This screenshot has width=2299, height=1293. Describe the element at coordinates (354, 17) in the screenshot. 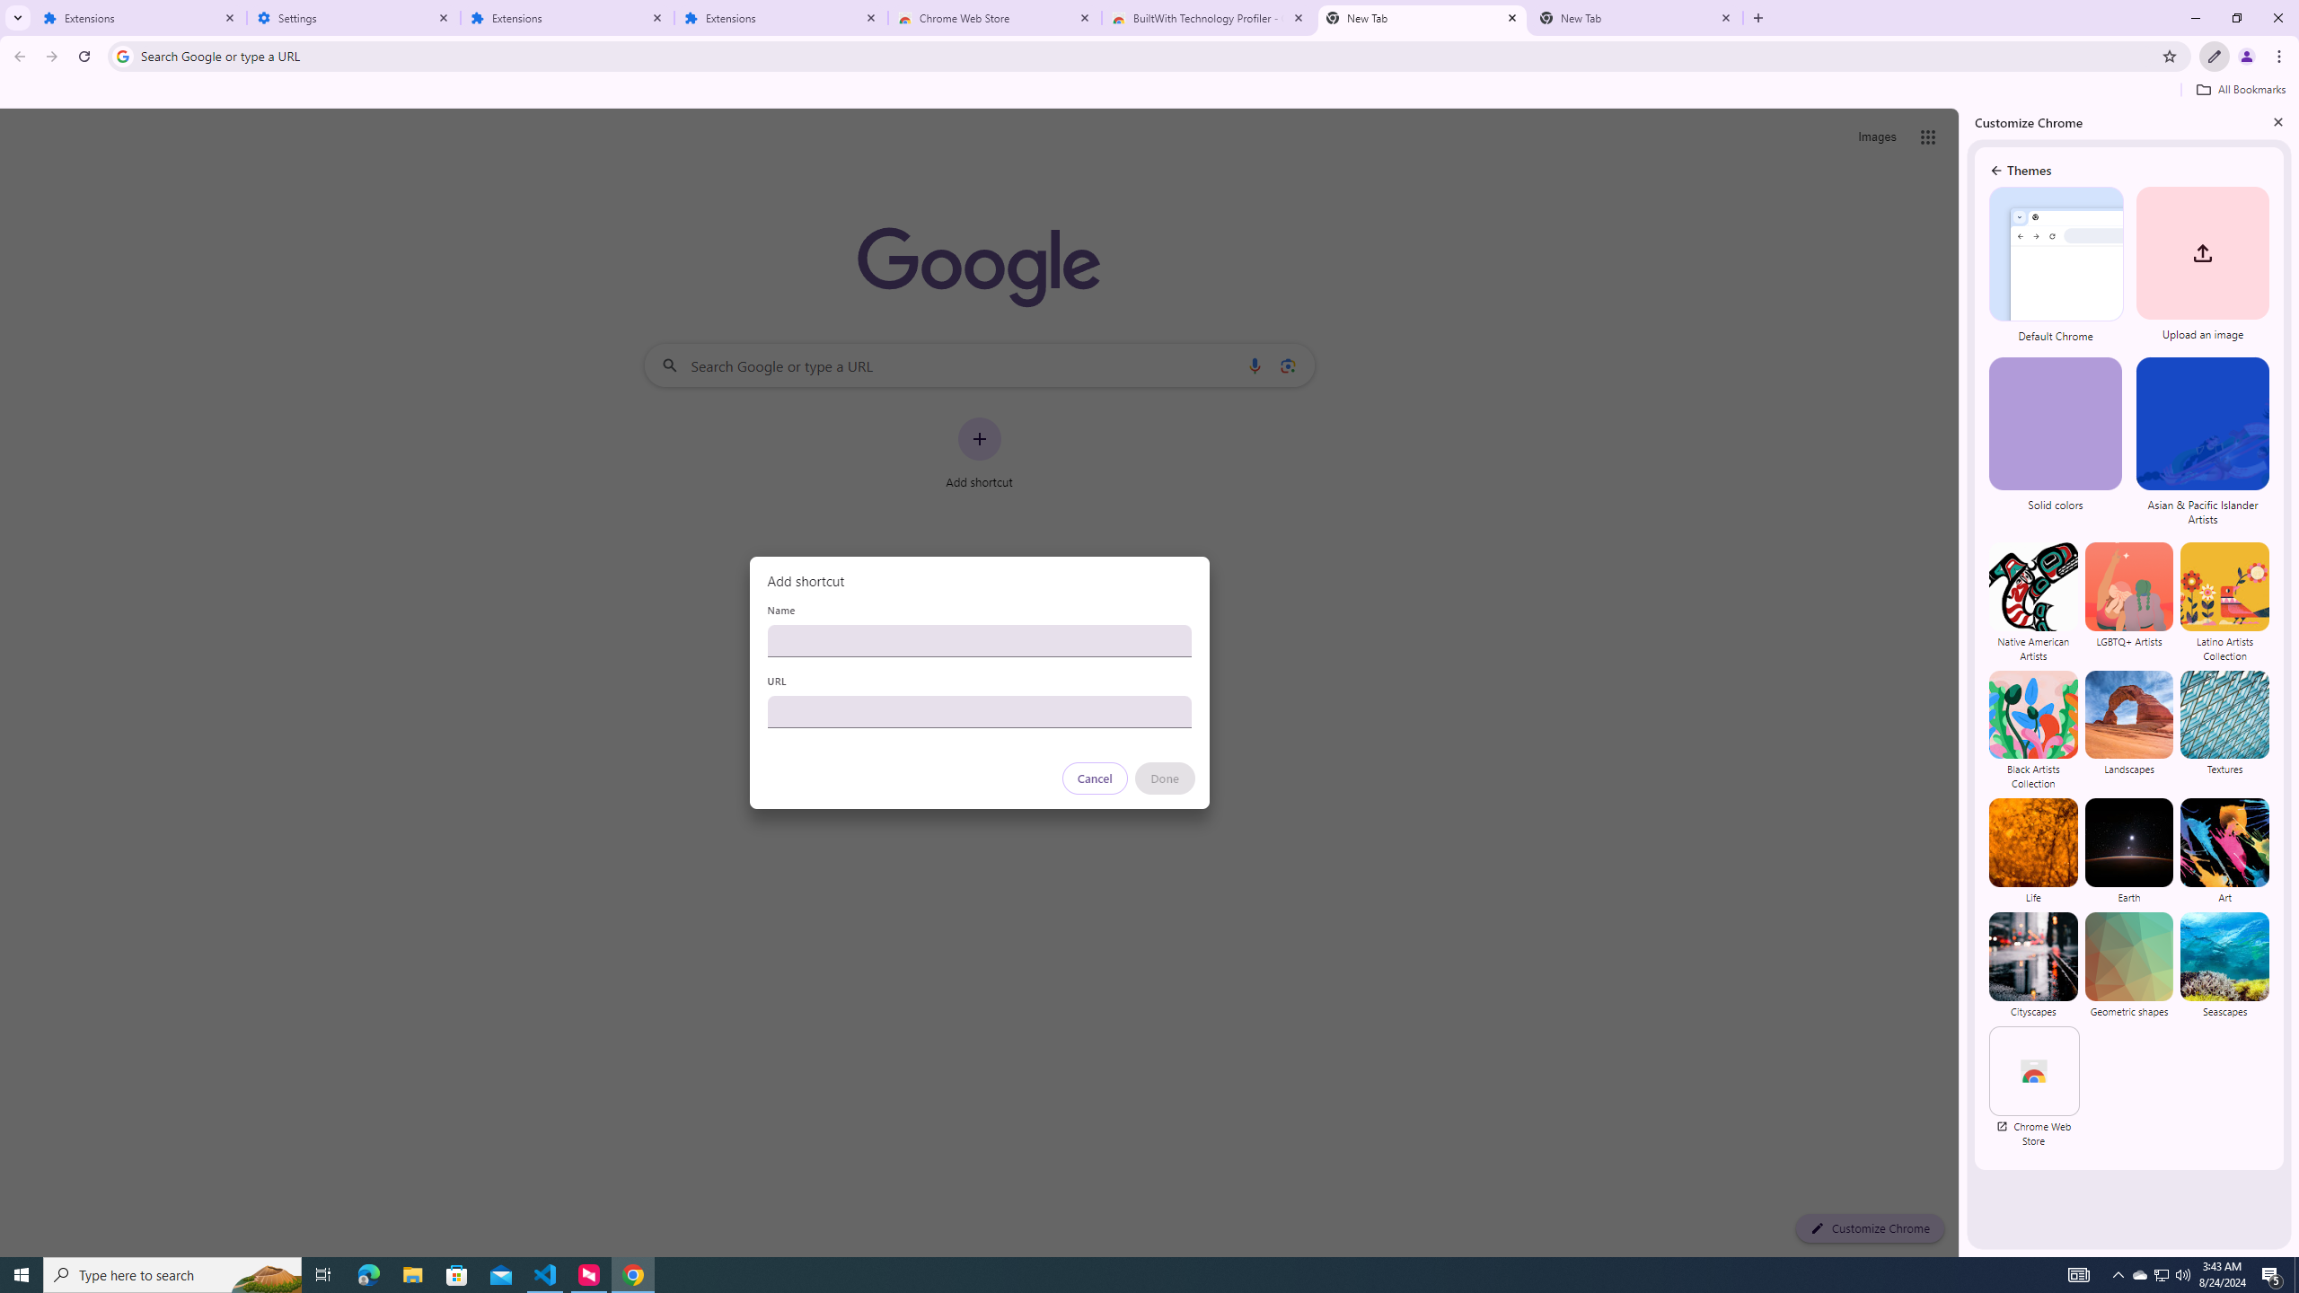

I see `'Settings'` at that location.